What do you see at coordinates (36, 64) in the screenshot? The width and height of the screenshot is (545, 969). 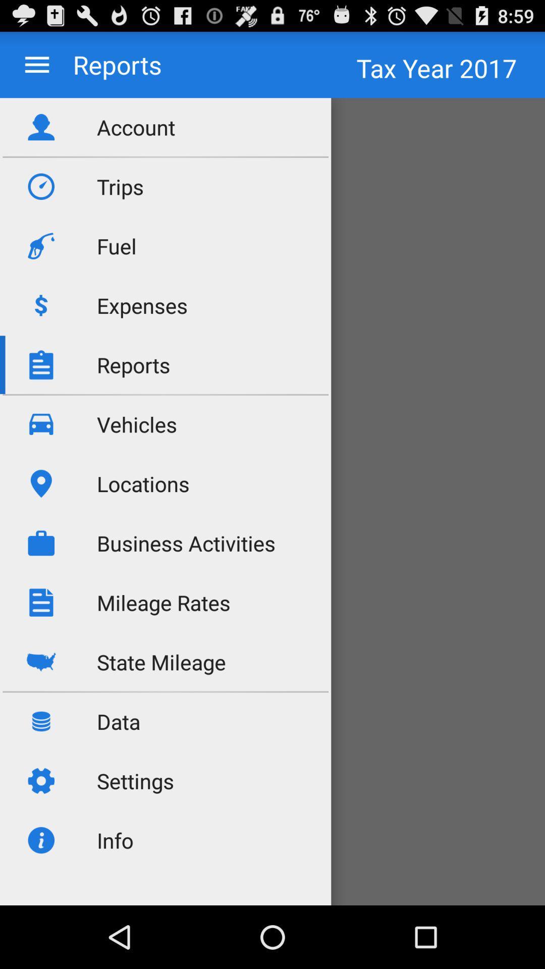 I see `show menu` at bounding box center [36, 64].